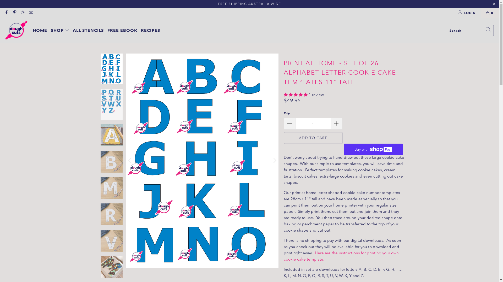  What do you see at coordinates (22, 13) in the screenshot?
I see `'DoughCuts on Instagram'` at bounding box center [22, 13].